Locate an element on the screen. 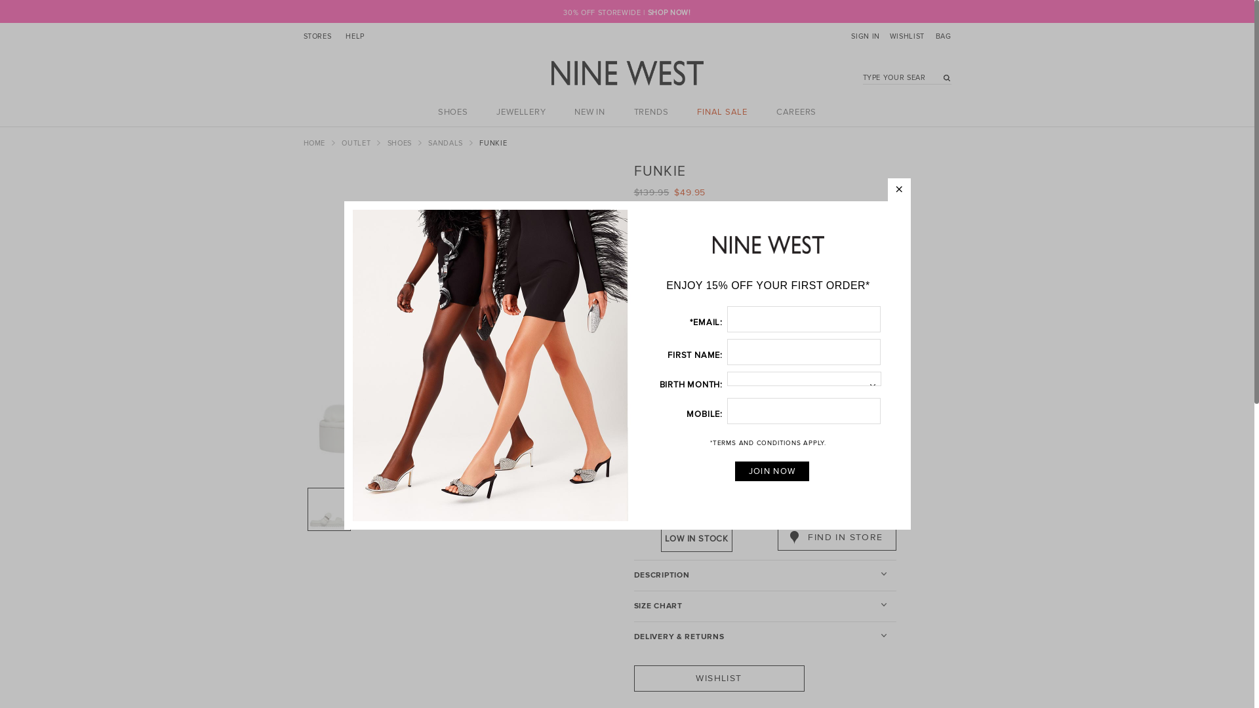 This screenshot has height=708, width=1259. 'FINAL SALE' is located at coordinates (721, 111).